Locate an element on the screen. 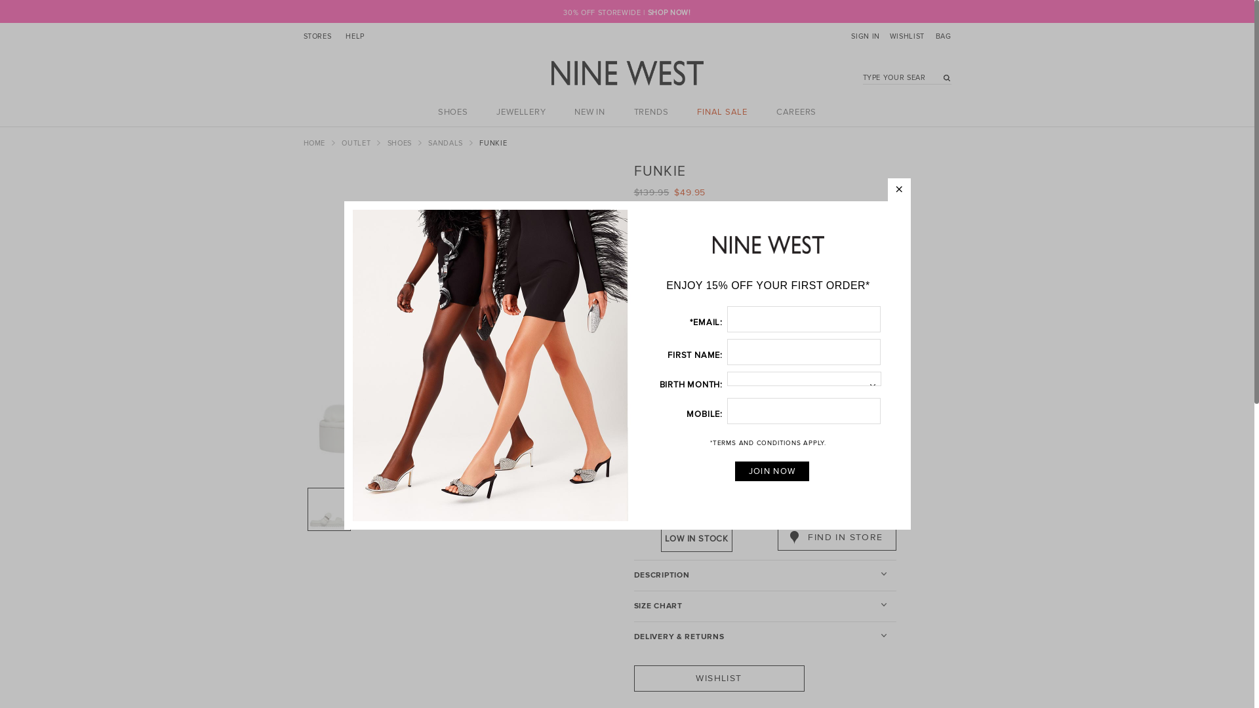 This screenshot has height=708, width=1259. 'FINAL SALE' is located at coordinates (721, 111).